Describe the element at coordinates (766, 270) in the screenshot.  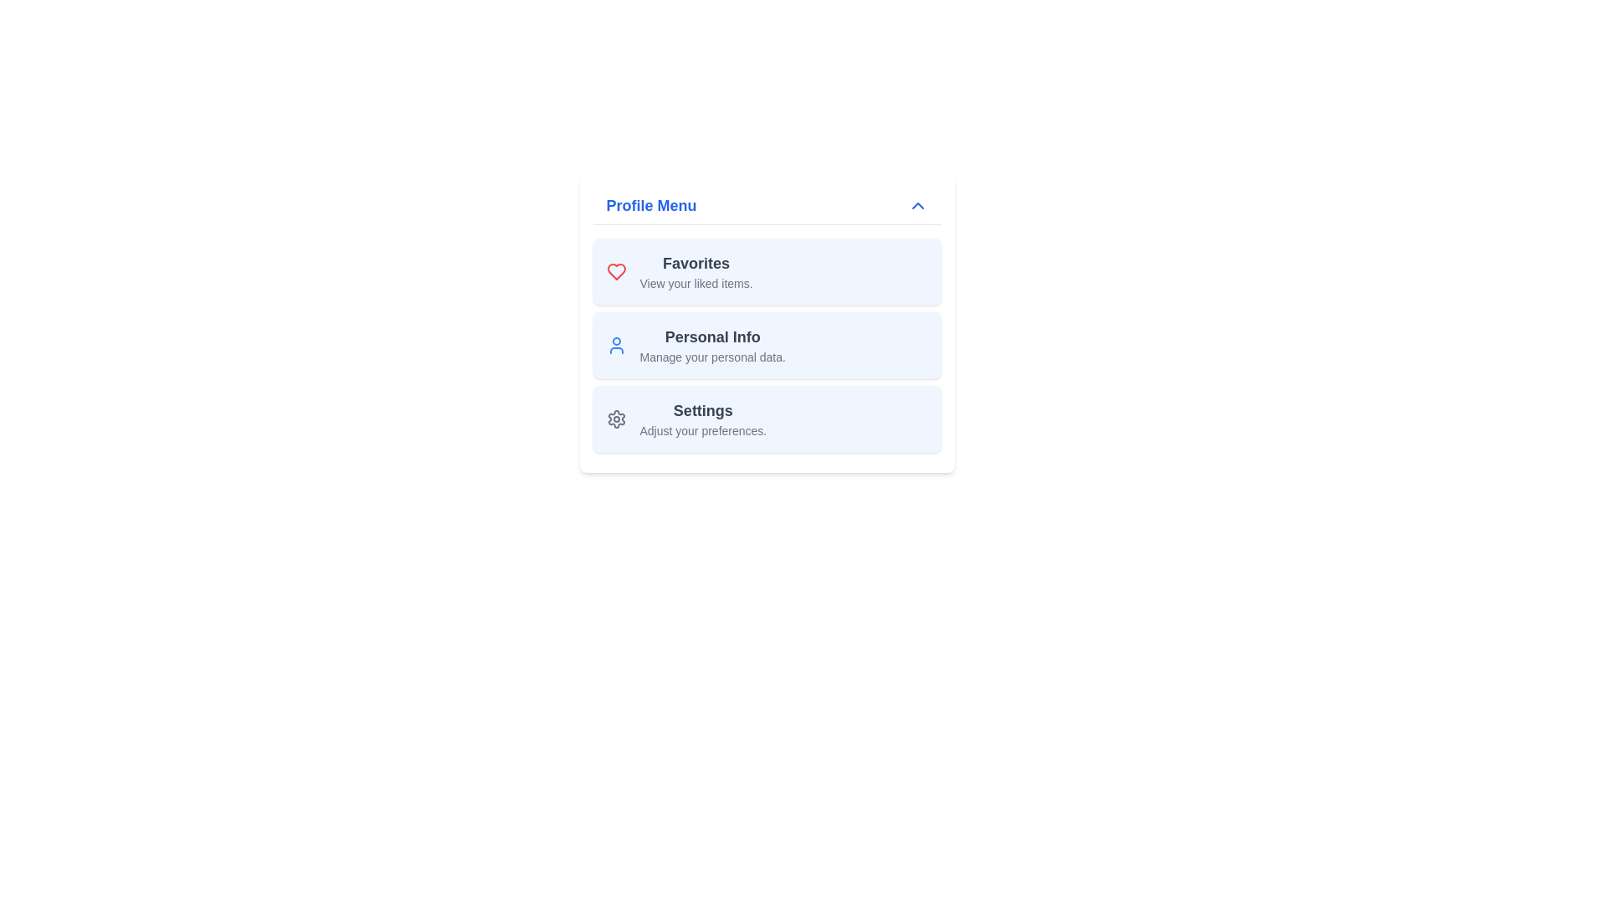
I see `the first Button-like interactive card in the 'Profile Menu' section to observe its hover effects` at that location.